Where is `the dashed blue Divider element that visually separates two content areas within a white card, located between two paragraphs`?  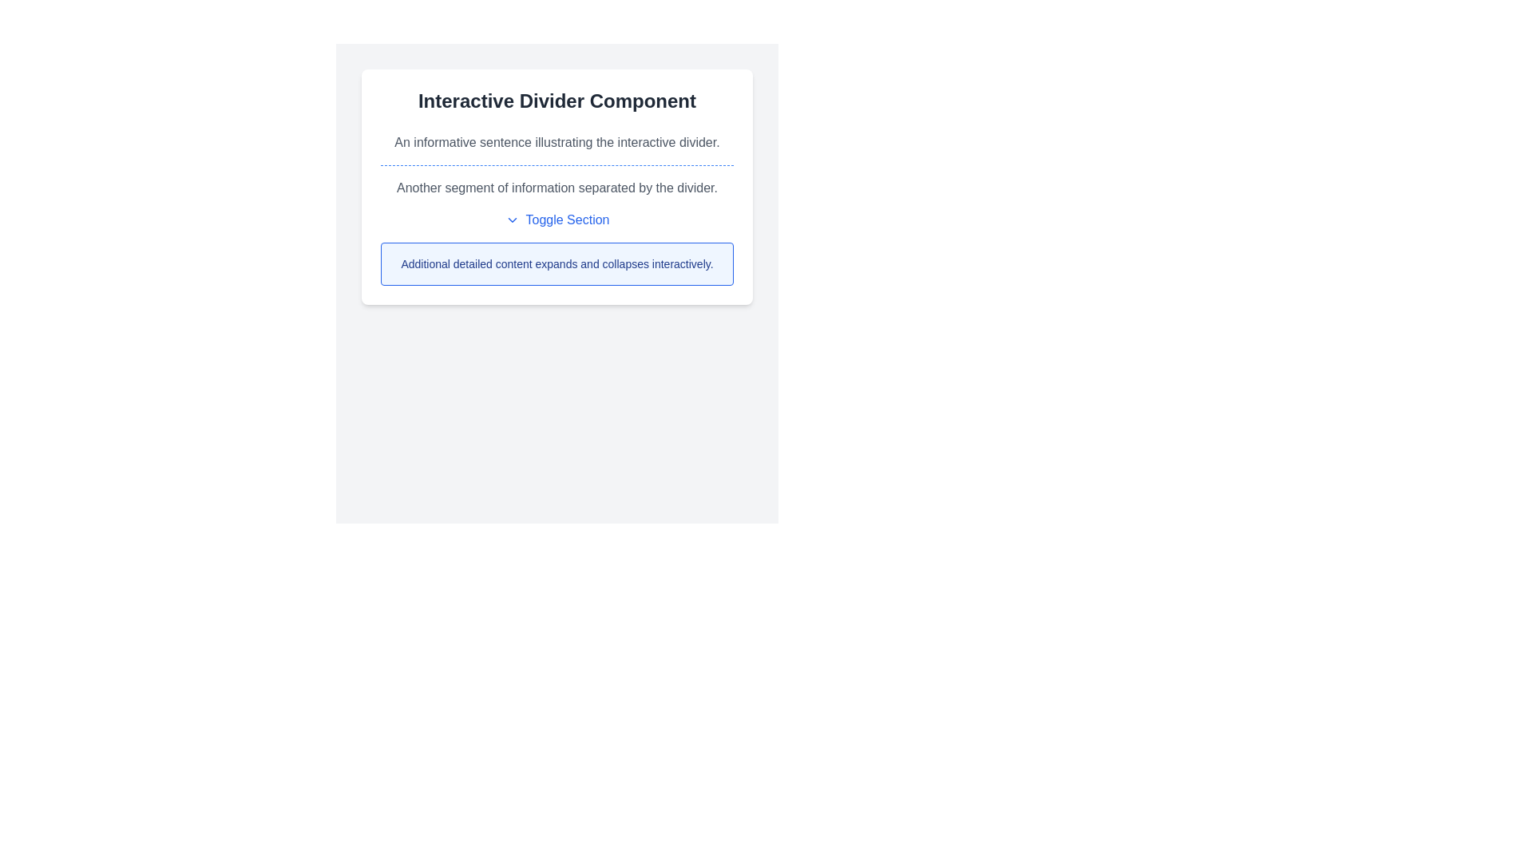
the dashed blue Divider element that visually separates two content areas within a white card, located between two paragraphs is located at coordinates (557, 165).